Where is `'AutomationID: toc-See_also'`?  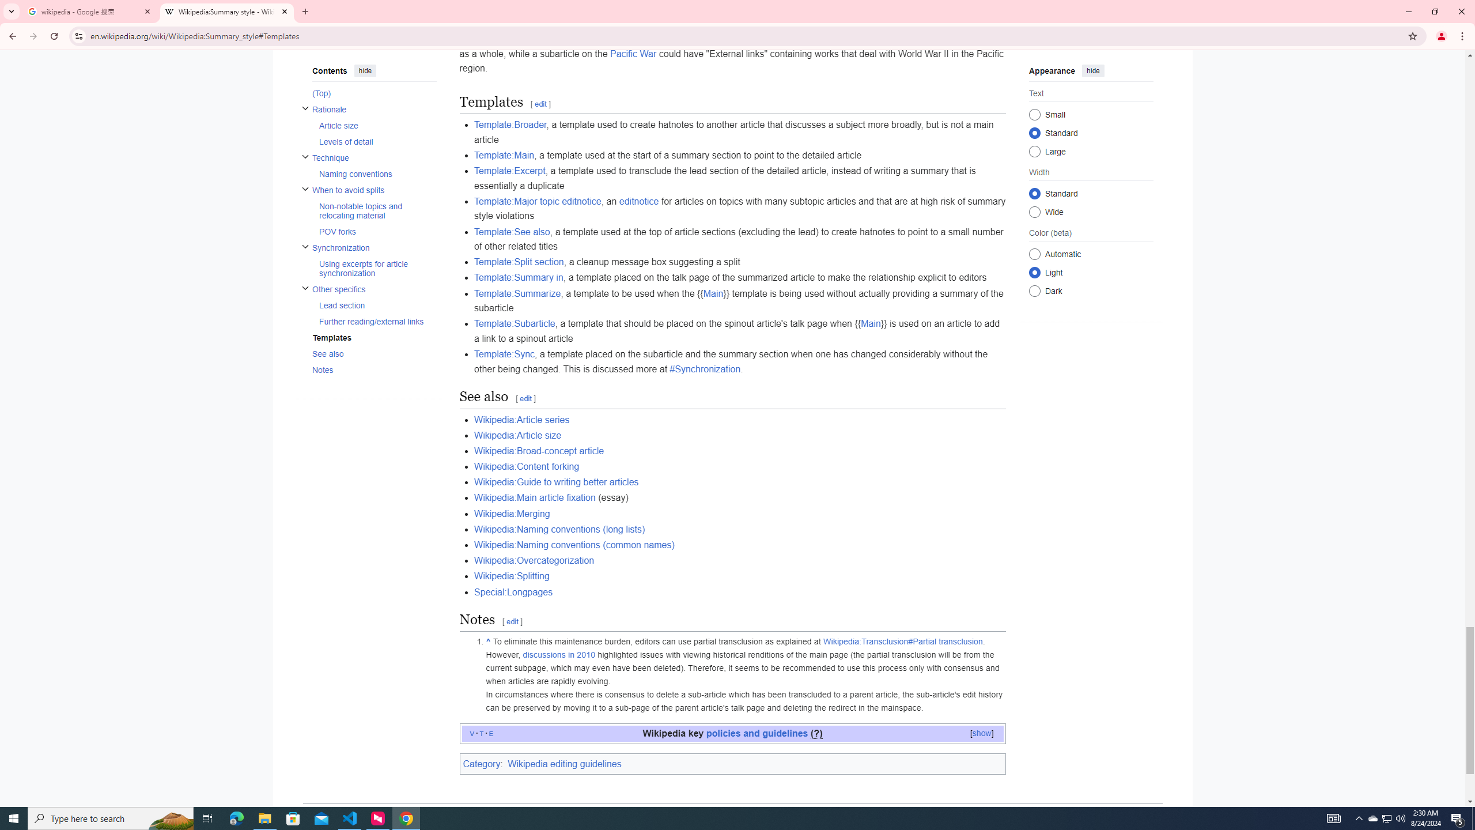 'AutomationID: toc-See_also' is located at coordinates (370, 353).